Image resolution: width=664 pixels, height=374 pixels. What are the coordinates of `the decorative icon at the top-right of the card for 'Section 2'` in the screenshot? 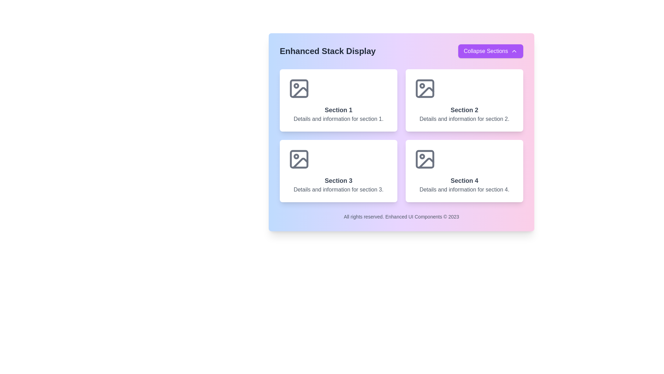 It's located at (424, 88).